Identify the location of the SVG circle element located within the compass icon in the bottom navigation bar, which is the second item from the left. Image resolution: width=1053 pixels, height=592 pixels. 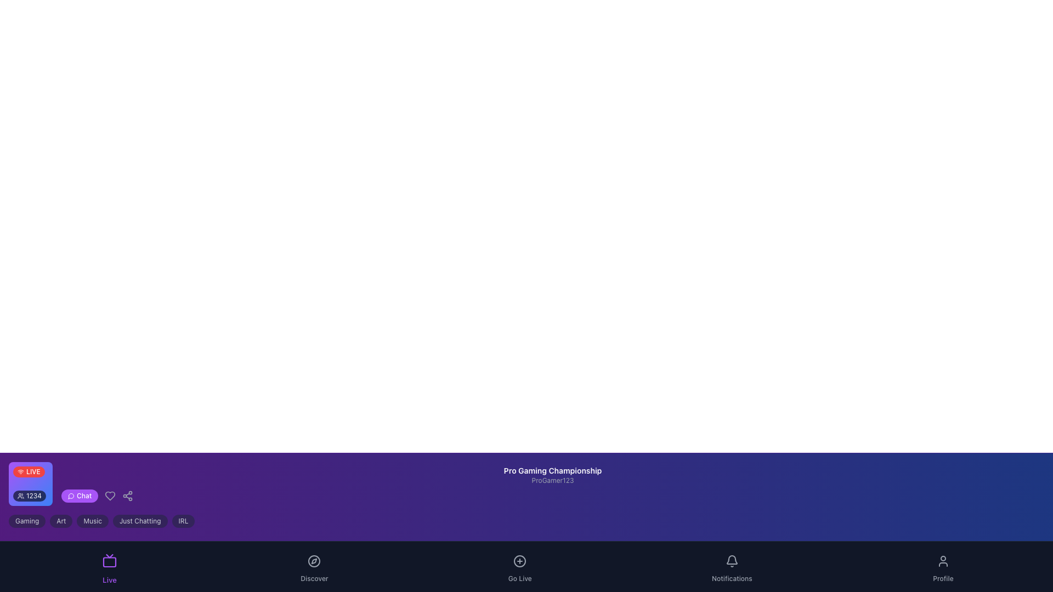
(314, 561).